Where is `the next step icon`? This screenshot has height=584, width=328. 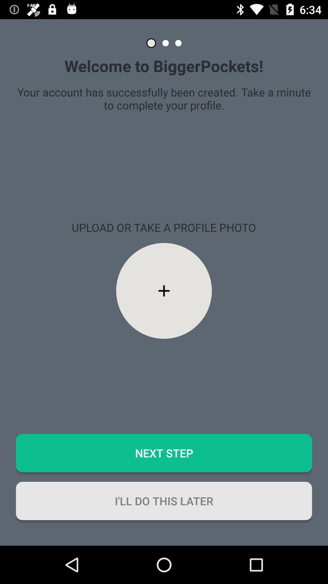 the next step icon is located at coordinates (164, 453).